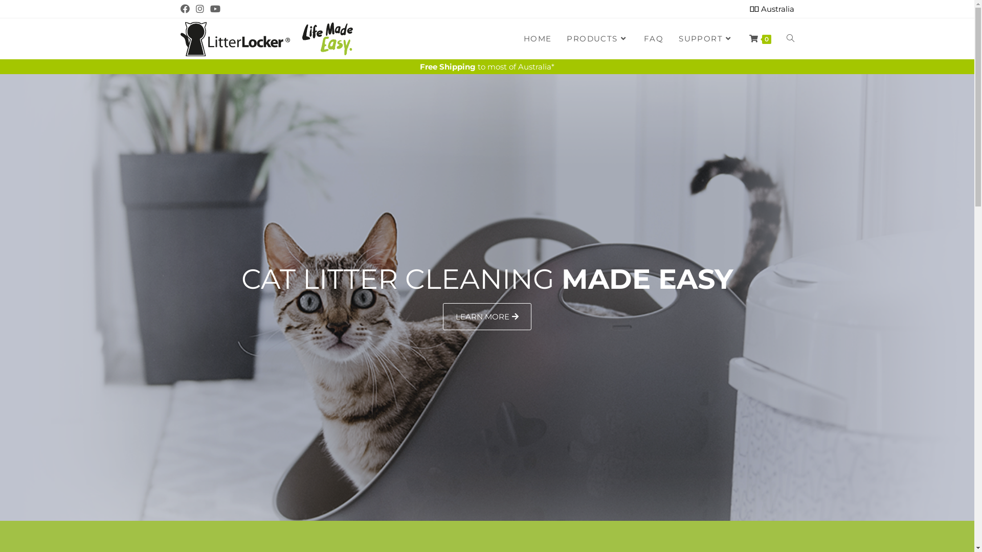  I want to click on 'SUPPORT', so click(705, 38).